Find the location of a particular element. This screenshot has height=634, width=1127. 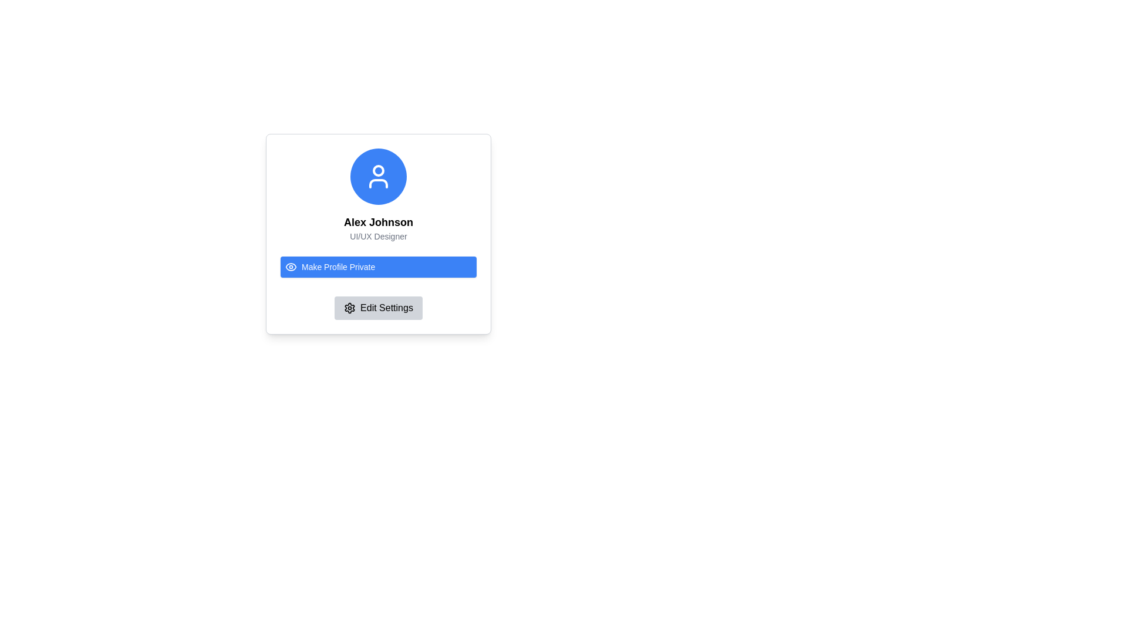

the user profile icon, which is a white circular head with a curved line suggesting shoulders, located at the center of a blue background above the text 'Alex Johnson' is located at coordinates (378, 176).